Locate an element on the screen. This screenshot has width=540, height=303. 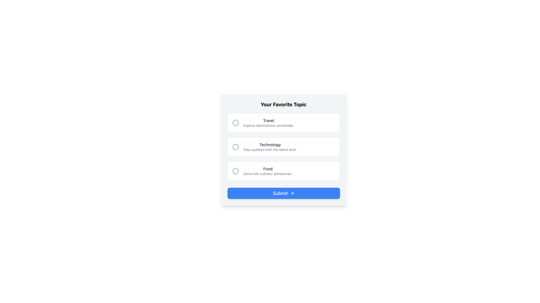
the first selectable list item titled 'Travel' with a circular gray outlined icon and bold black text is located at coordinates (283, 123).